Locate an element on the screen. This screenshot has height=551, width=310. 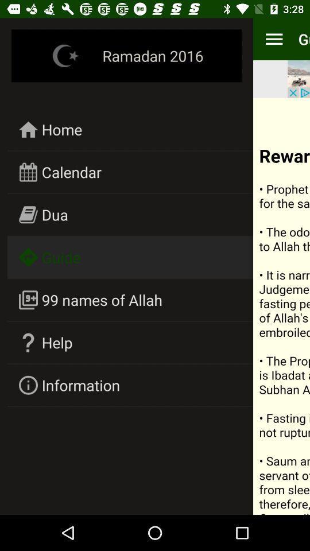
menu bar is located at coordinates (273, 39).